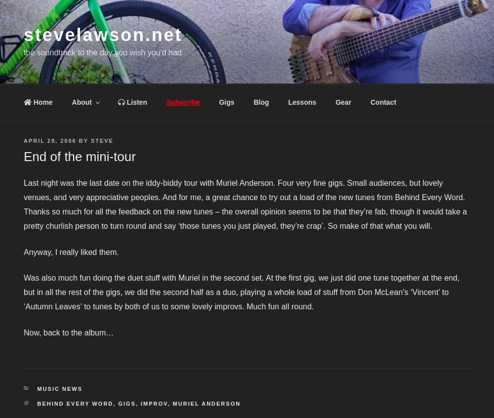 Image resolution: width=494 pixels, height=418 pixels. What do you see at coordinates (37, 388) in the screenshot?
I see `'Music News'` at bounding box center [37, 388].